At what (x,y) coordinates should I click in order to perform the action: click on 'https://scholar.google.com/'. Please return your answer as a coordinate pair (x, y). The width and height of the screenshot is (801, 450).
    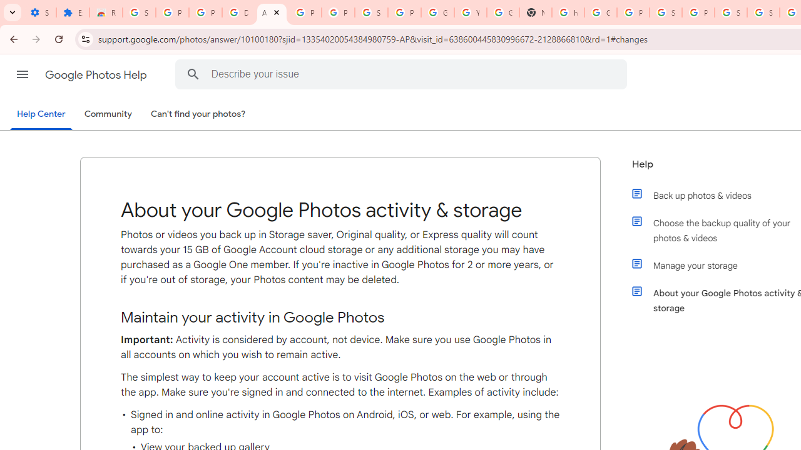
    Looking at the image, I should click on (568, 12).